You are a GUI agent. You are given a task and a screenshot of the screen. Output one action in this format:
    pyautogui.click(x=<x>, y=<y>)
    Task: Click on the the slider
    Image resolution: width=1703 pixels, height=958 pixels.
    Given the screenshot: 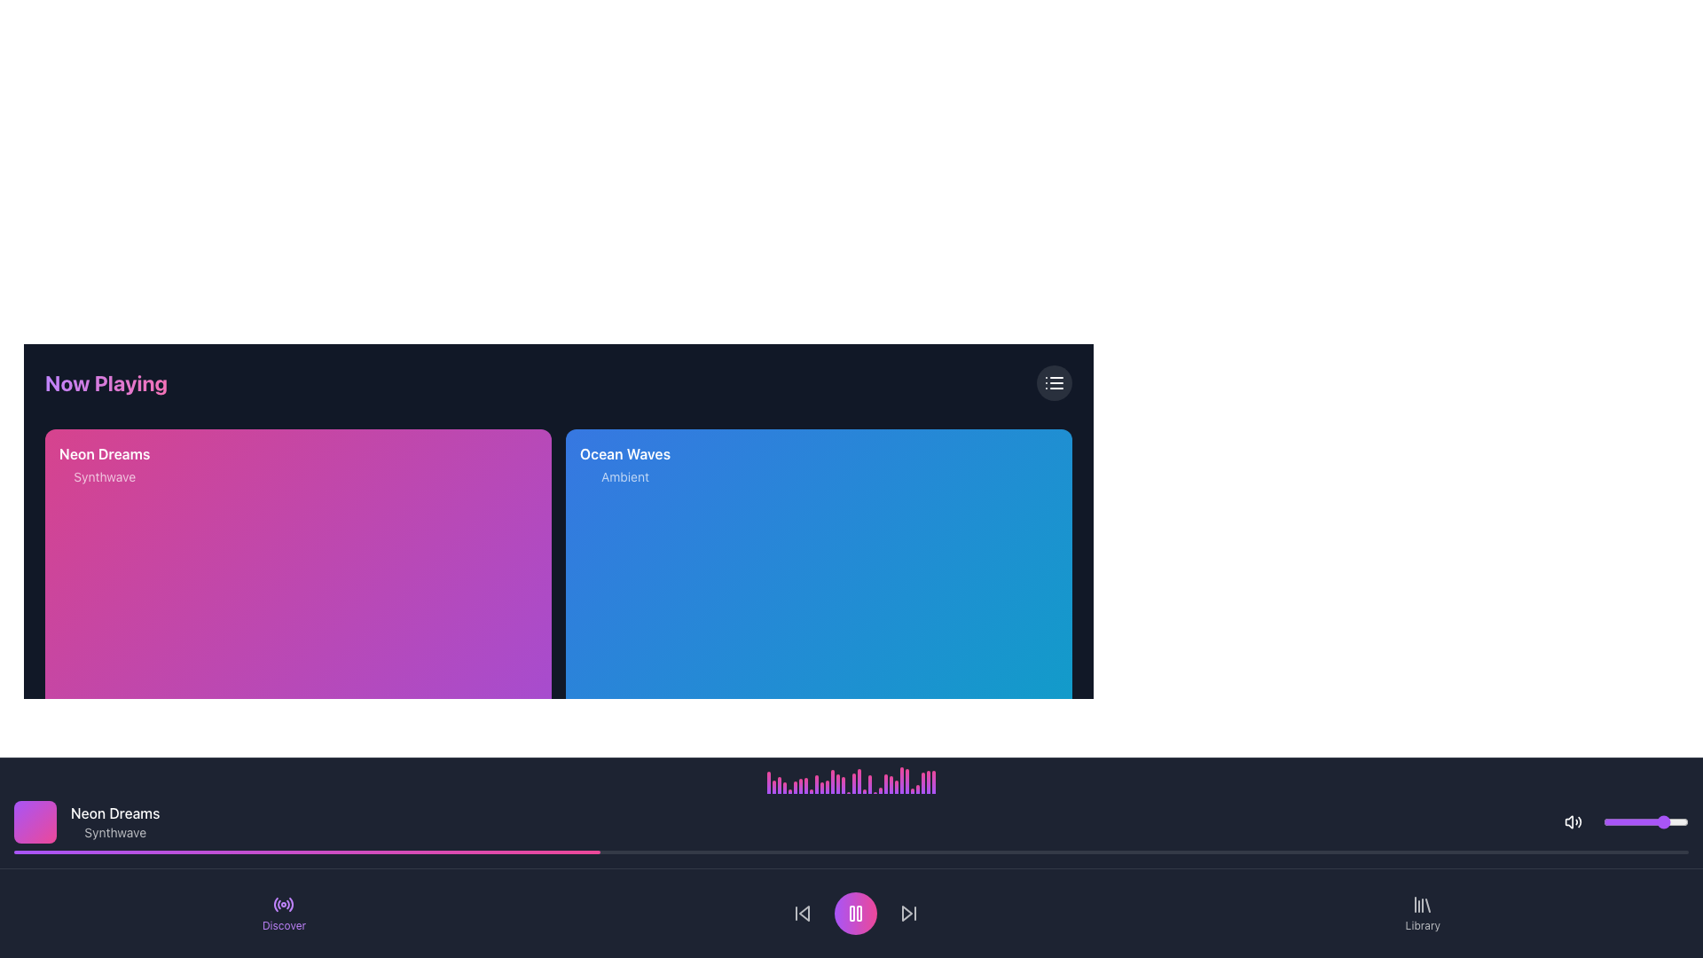 What is the action you would take?
    pyautogui.click(x=1644, y=821)
    